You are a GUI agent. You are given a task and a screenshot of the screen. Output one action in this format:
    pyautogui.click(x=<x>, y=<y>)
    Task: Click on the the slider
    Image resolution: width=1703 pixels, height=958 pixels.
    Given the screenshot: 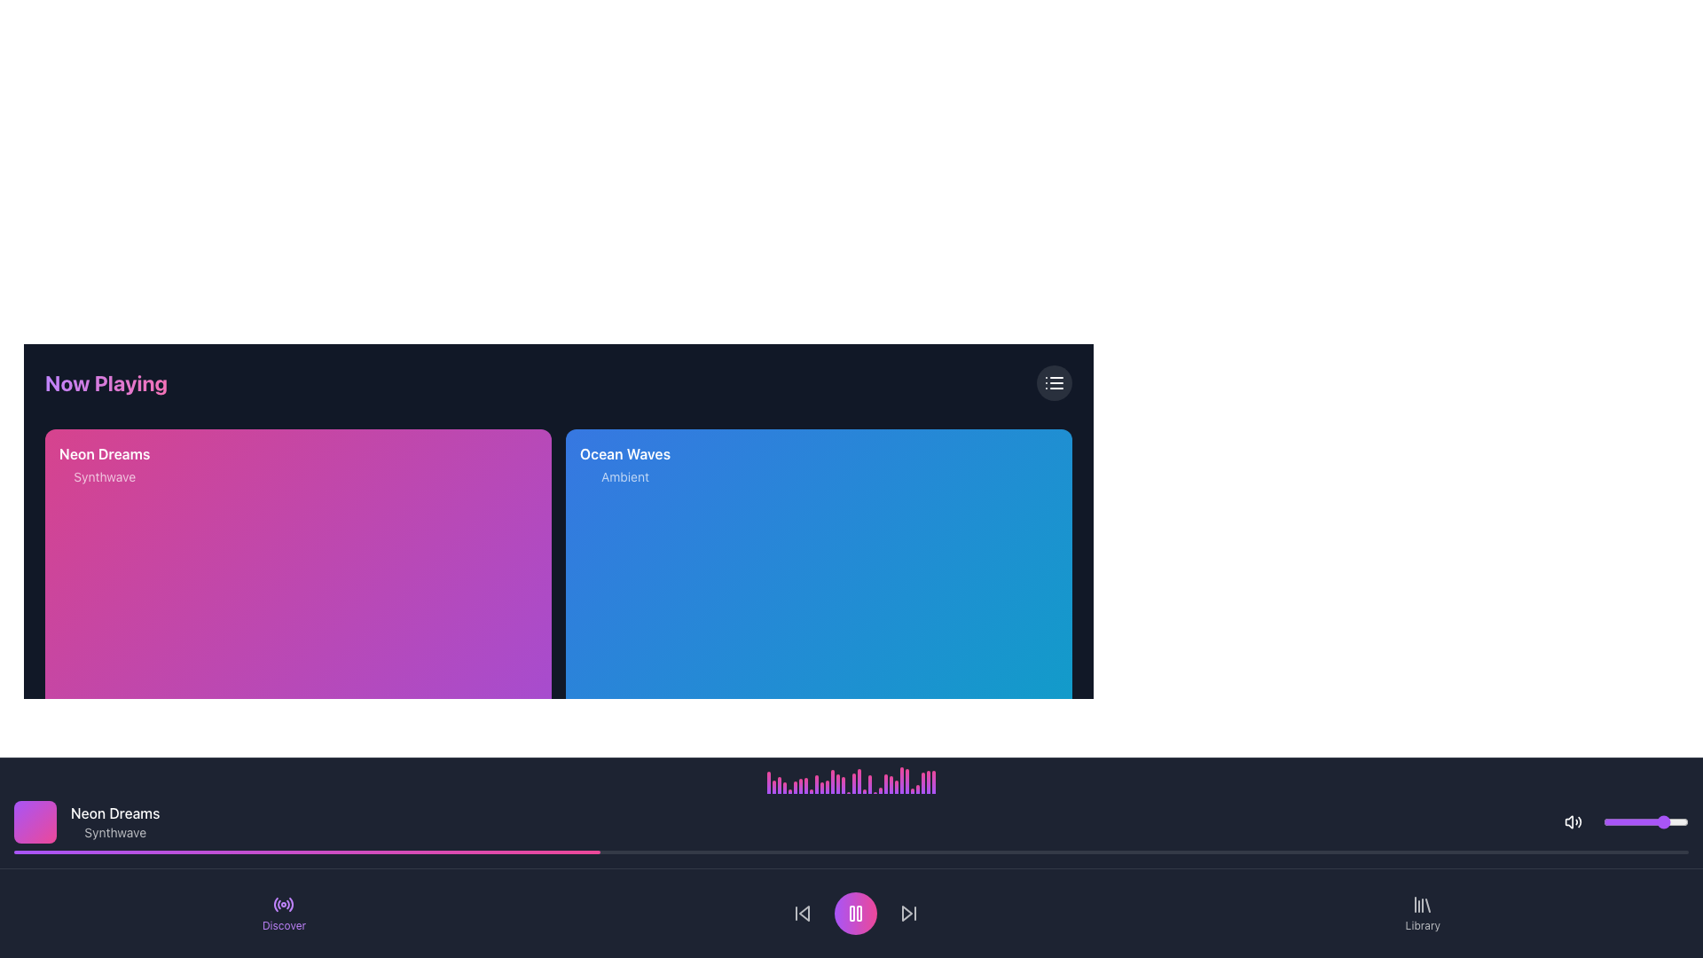 What is the action you would take?
    pyautogui.click(x=1644, y=821)
    